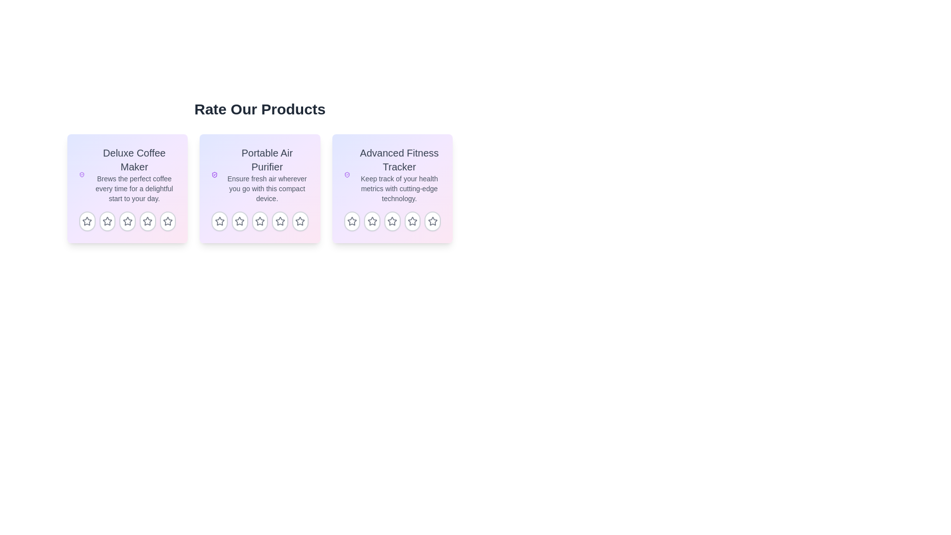 The width and height of the screenshot is (951, 535). Describe the element at coordinates (219, 221) in the screenshot. I see `the first star button in the rating control beneath the subtitle 'Portable Air Purifier' to provide visual feedback for the product rating` at that location.